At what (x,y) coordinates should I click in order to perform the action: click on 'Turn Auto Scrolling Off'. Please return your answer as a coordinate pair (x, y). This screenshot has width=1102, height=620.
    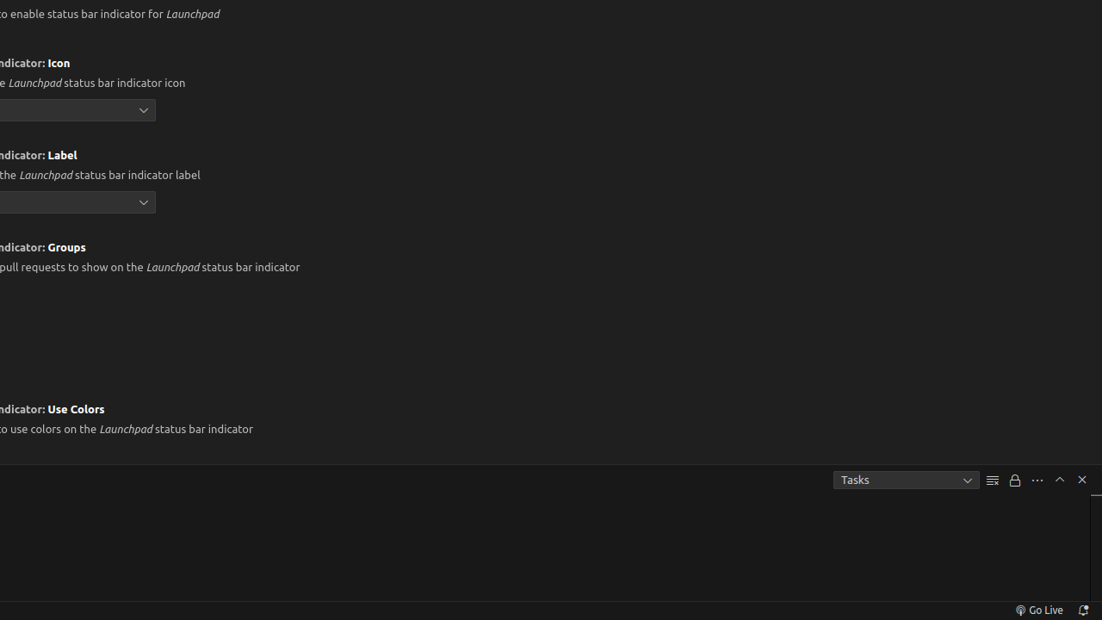
    Looking at the image, I should click on (1015, 480).